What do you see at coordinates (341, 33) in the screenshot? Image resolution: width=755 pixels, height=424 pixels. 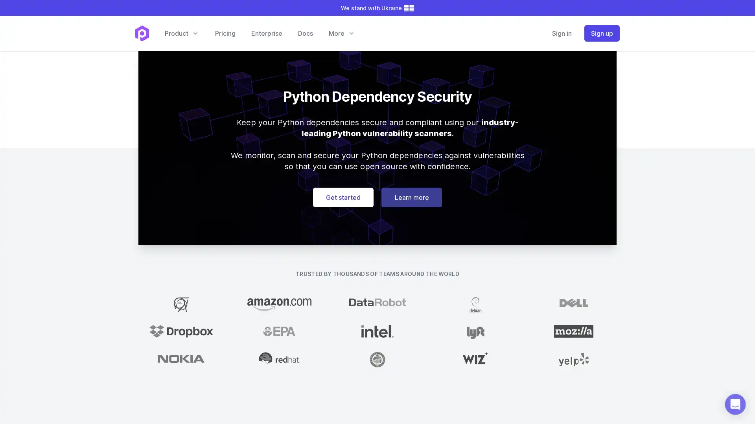 I see `More` at bounding box center [341, 33].